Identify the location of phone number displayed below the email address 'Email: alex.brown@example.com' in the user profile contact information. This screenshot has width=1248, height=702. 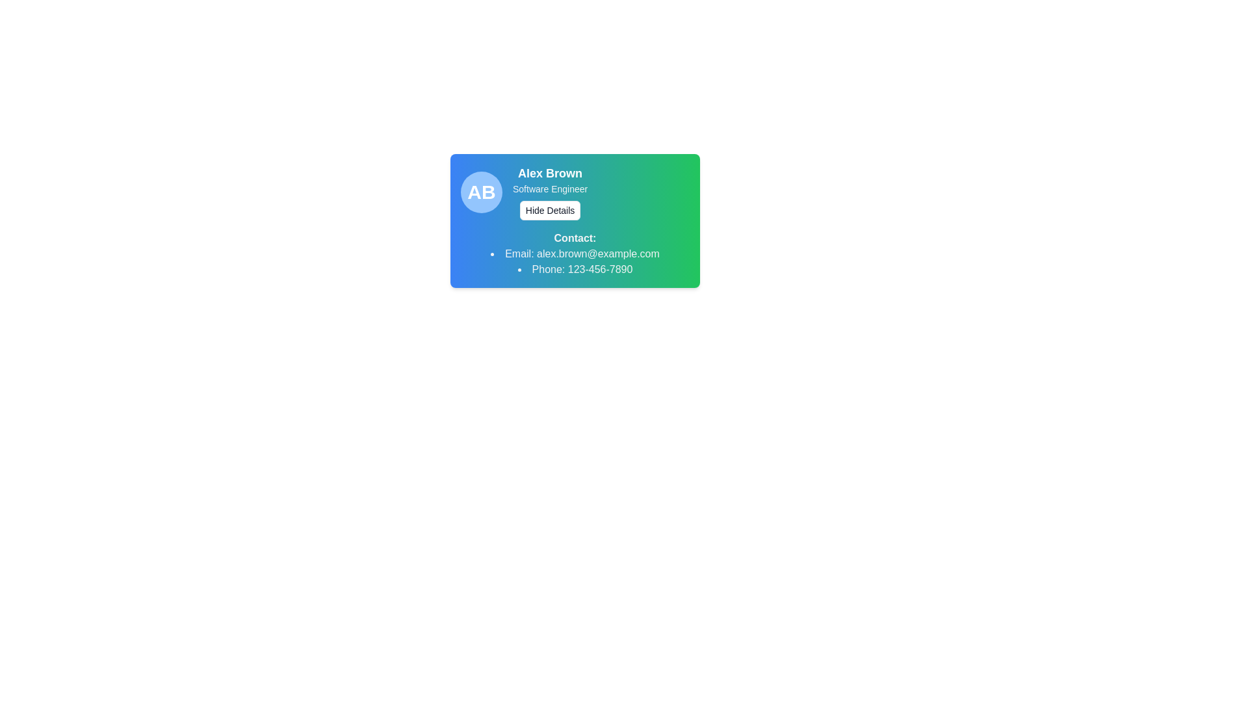
(574, 269).